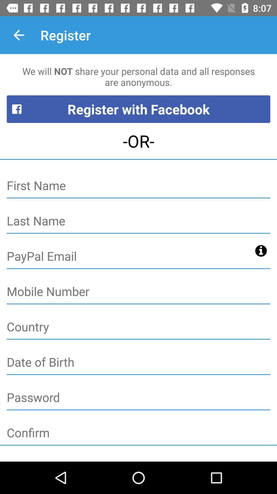 The height and width of the screenshot is (494, 277). Describe the element at coordinates (138, 109) in the screenshot. I see `the register with facebook item` at that location.